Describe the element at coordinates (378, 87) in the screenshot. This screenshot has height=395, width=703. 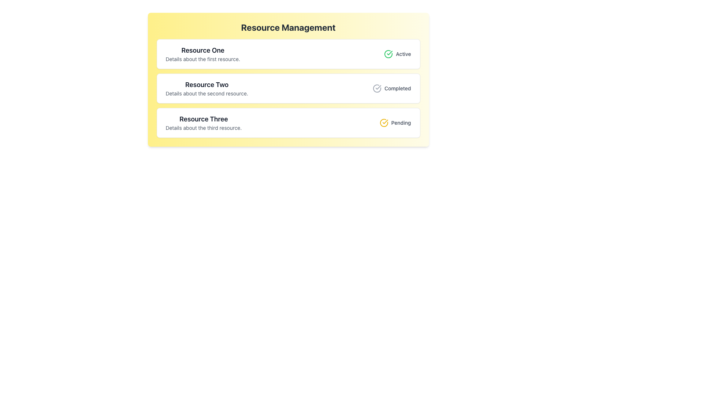
I see `the simplistic checkmark icon styled with a gray color, located in the top-right corner of the interface, indicating 'Active' status` at that location.